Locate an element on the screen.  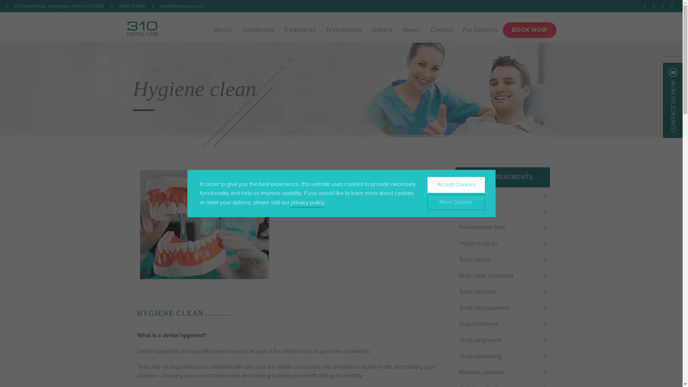
'Hygiene clean' is located at coordinates (502, 243).